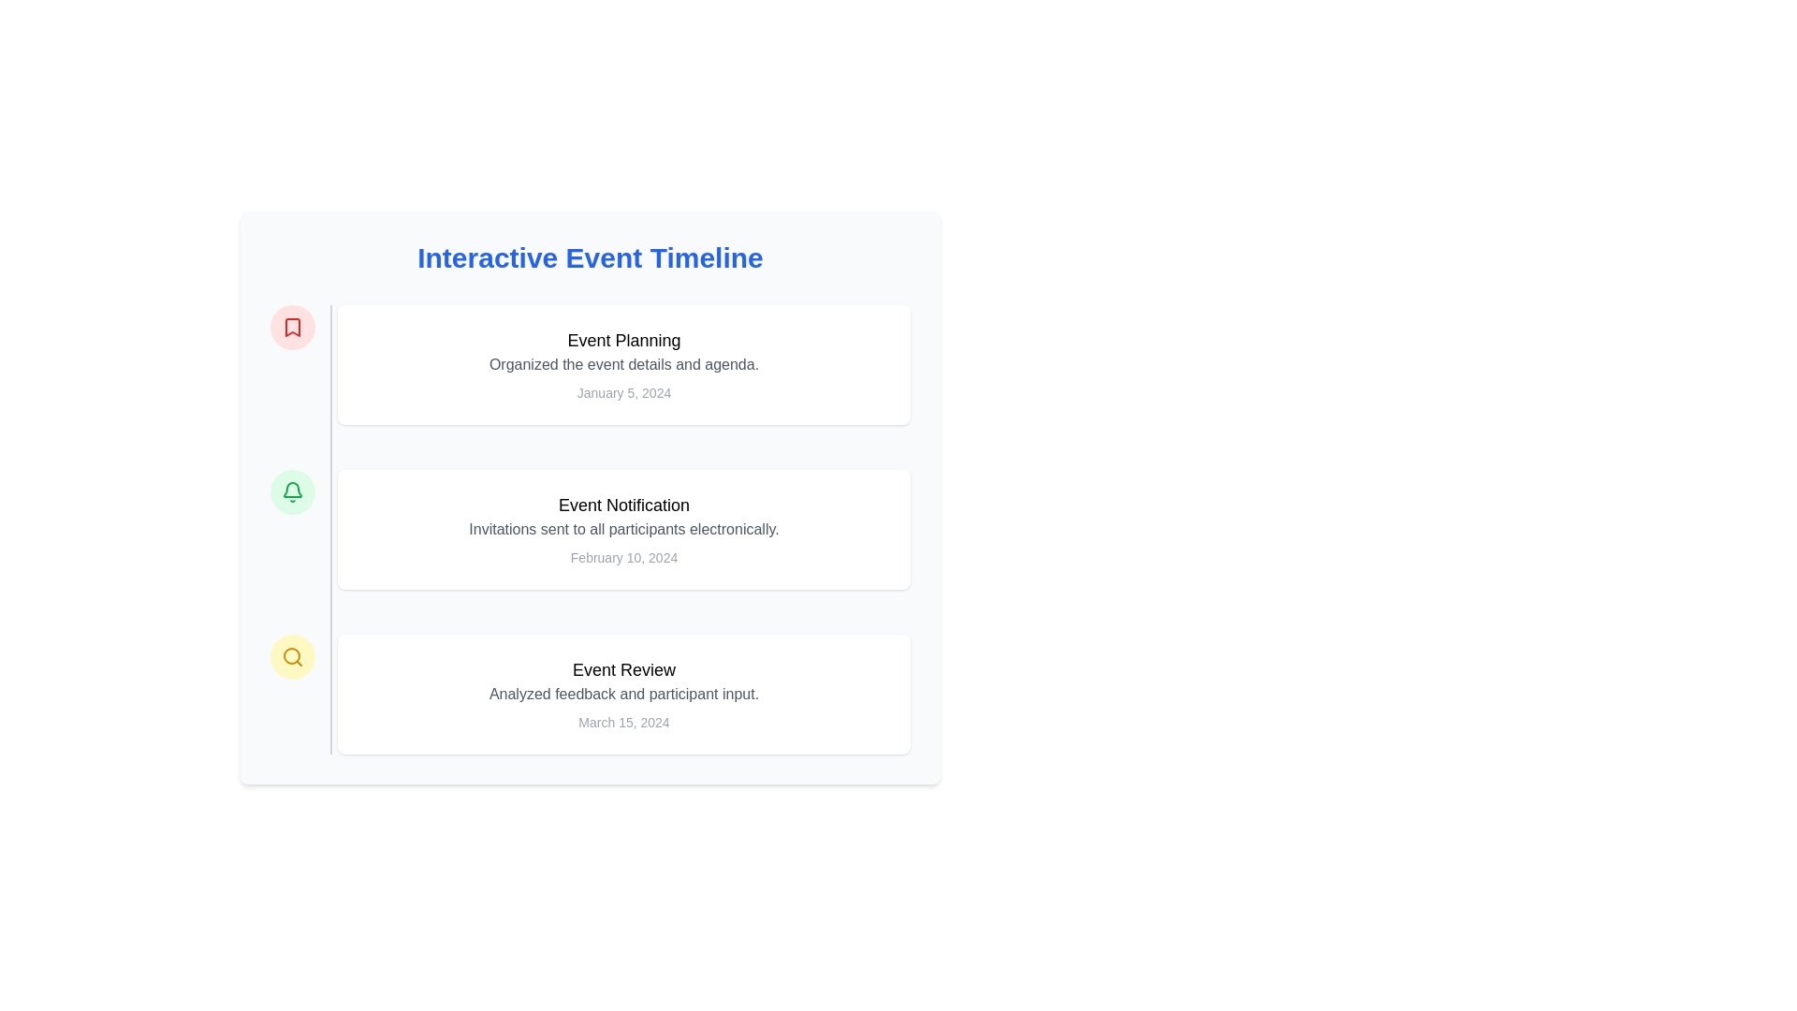 The height and width of the screenshot is (1011, 1797). What do you see at coordinates (291, 489) in the screenshot?
I see `the bell-shaped notification icon with a smooth green outline located in the sidebar, near the 'Event Notification' list item` at bounding box center [291, 489].